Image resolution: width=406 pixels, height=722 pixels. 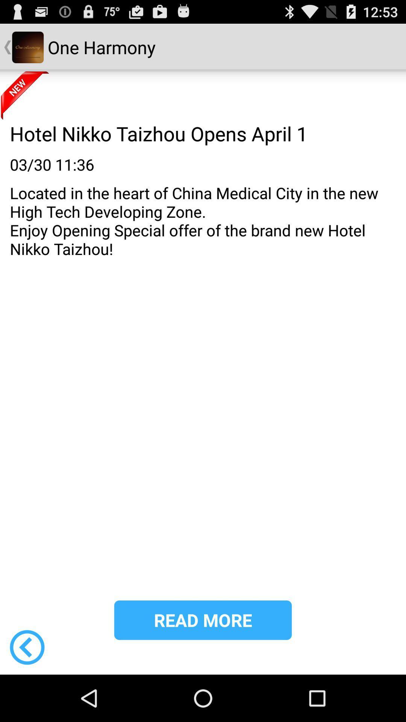 What do you see at coordinates (27, 647) in the screenshot?
I see `back` at bounding box center [27, 647].